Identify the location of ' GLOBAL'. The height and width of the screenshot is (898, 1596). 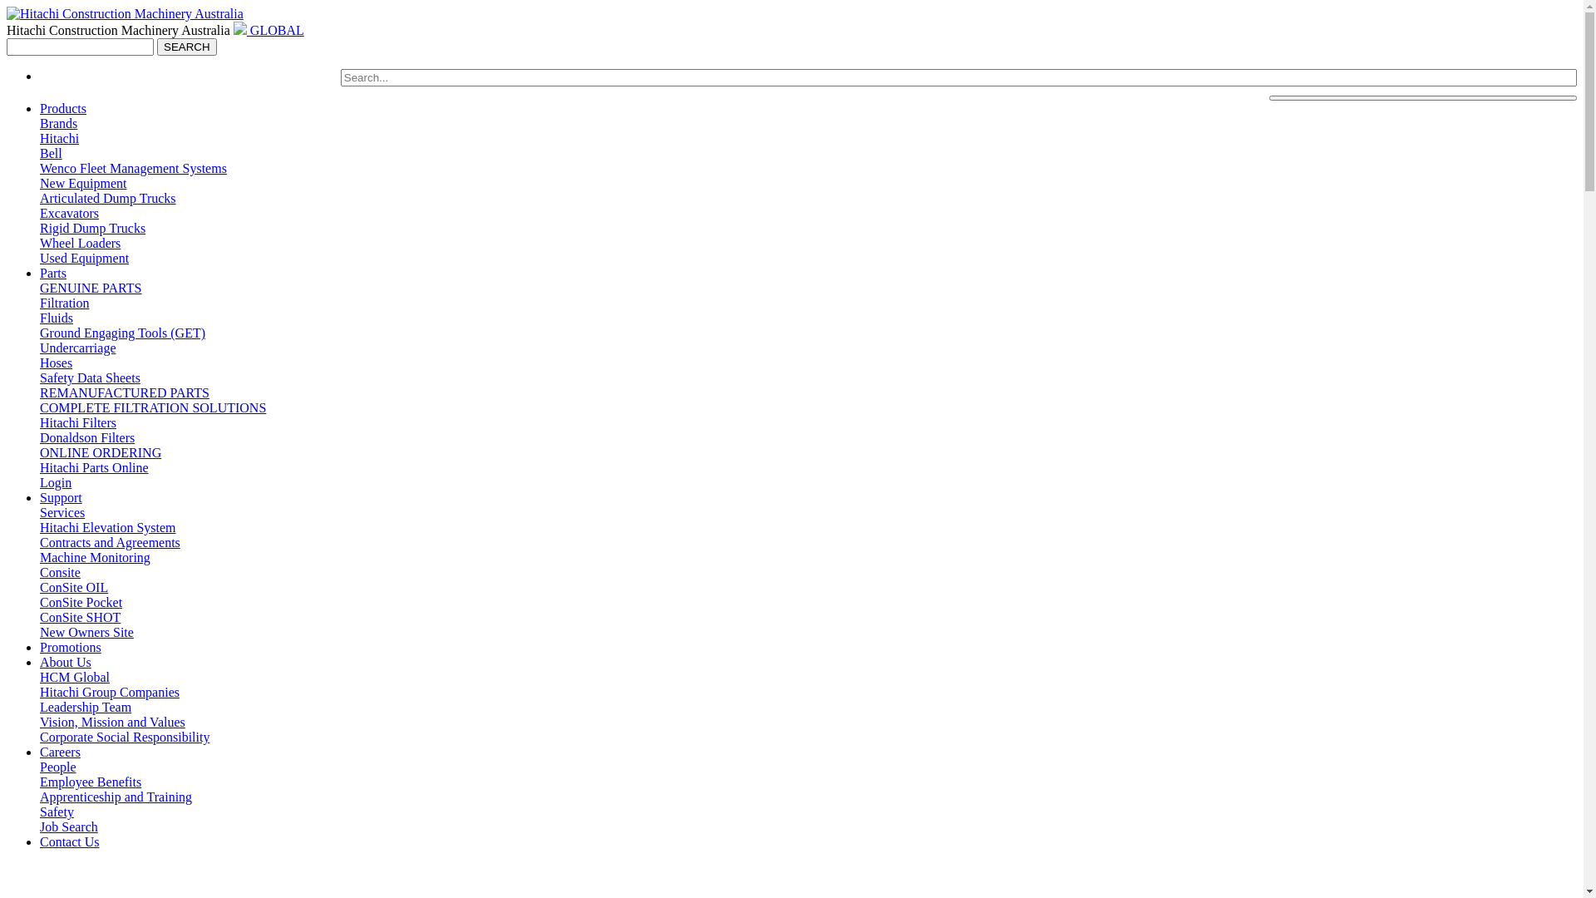
(268, 30).